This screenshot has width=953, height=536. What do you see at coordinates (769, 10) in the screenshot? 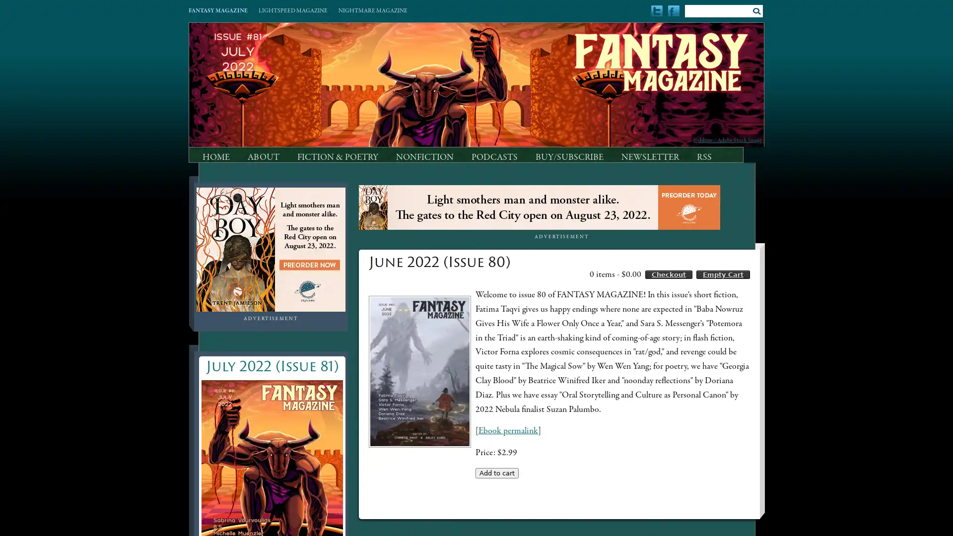
I see `Submit` at bounding box center [769, 10].